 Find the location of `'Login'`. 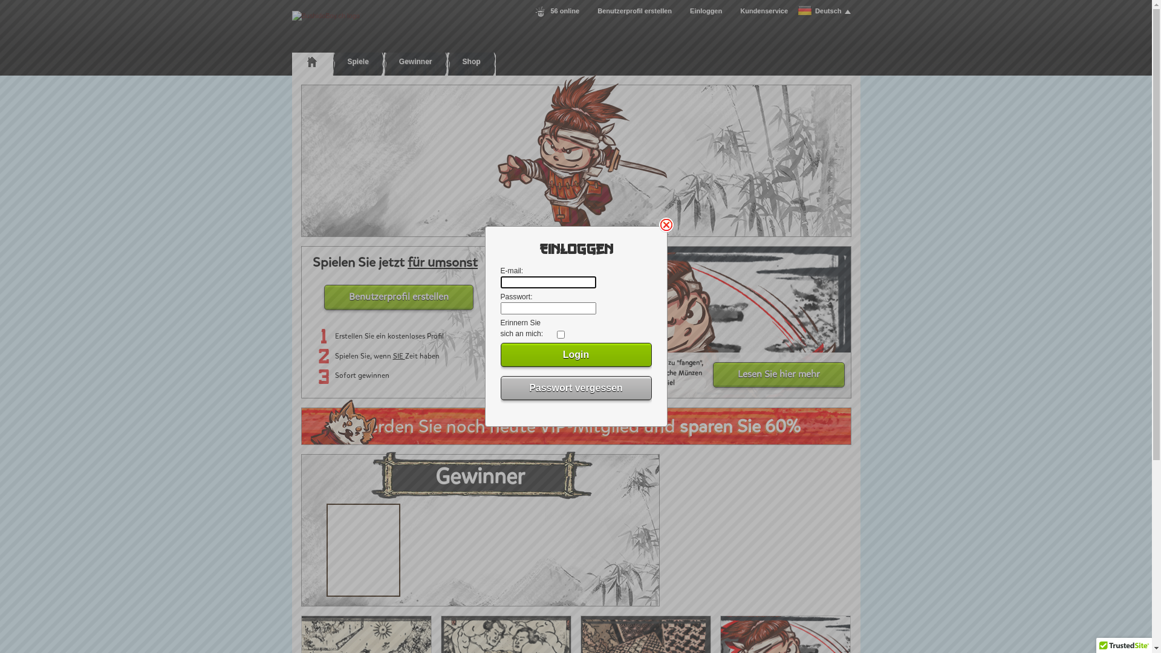

'Login' is located at coordinates (576, 354).